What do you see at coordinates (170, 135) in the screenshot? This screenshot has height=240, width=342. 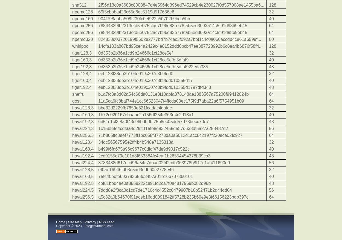 I see `'71b805ffc3eef7773ff1bc058f87273da0a5012d1acc8c2197f220ece02fc927'` at bounding box center [170, 135].